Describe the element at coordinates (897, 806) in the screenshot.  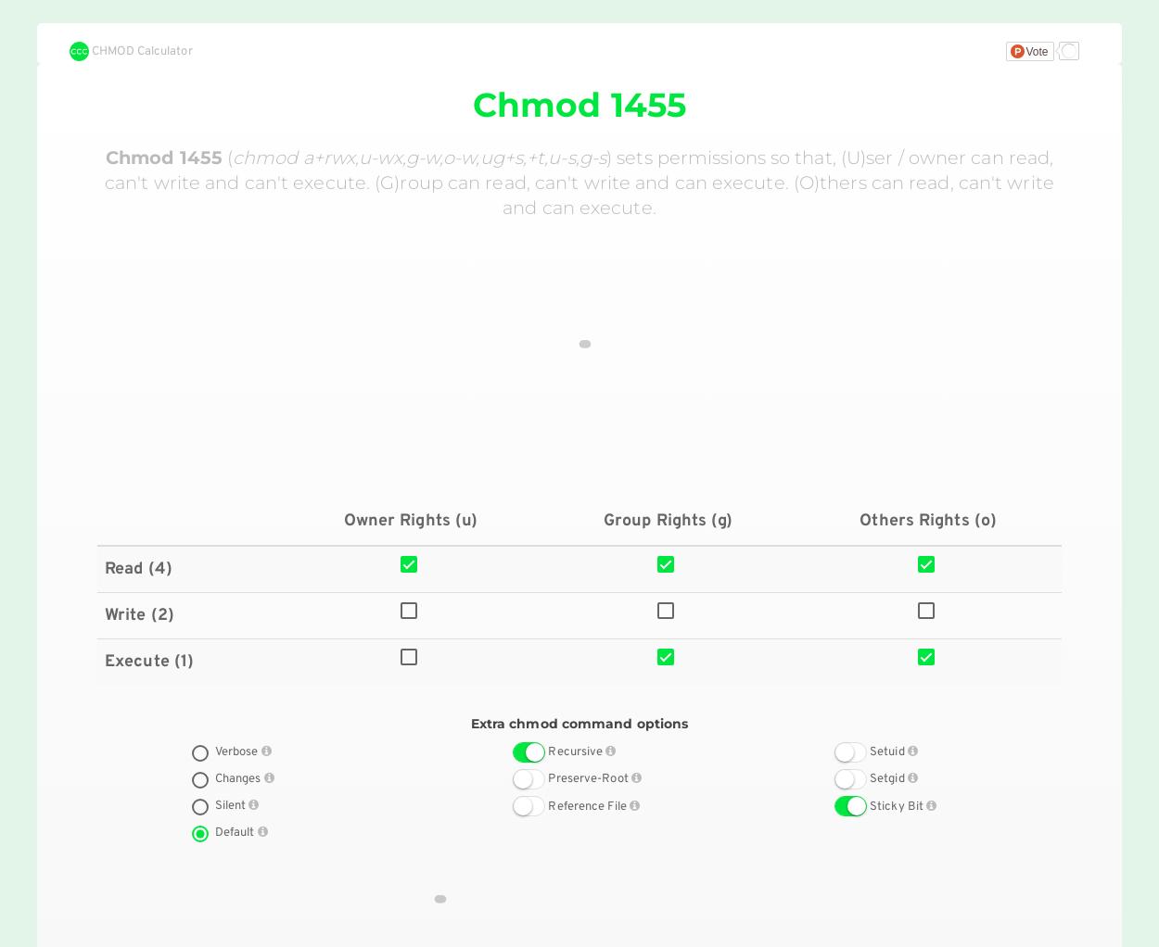
I see `'Sticky Bit'` at that location.